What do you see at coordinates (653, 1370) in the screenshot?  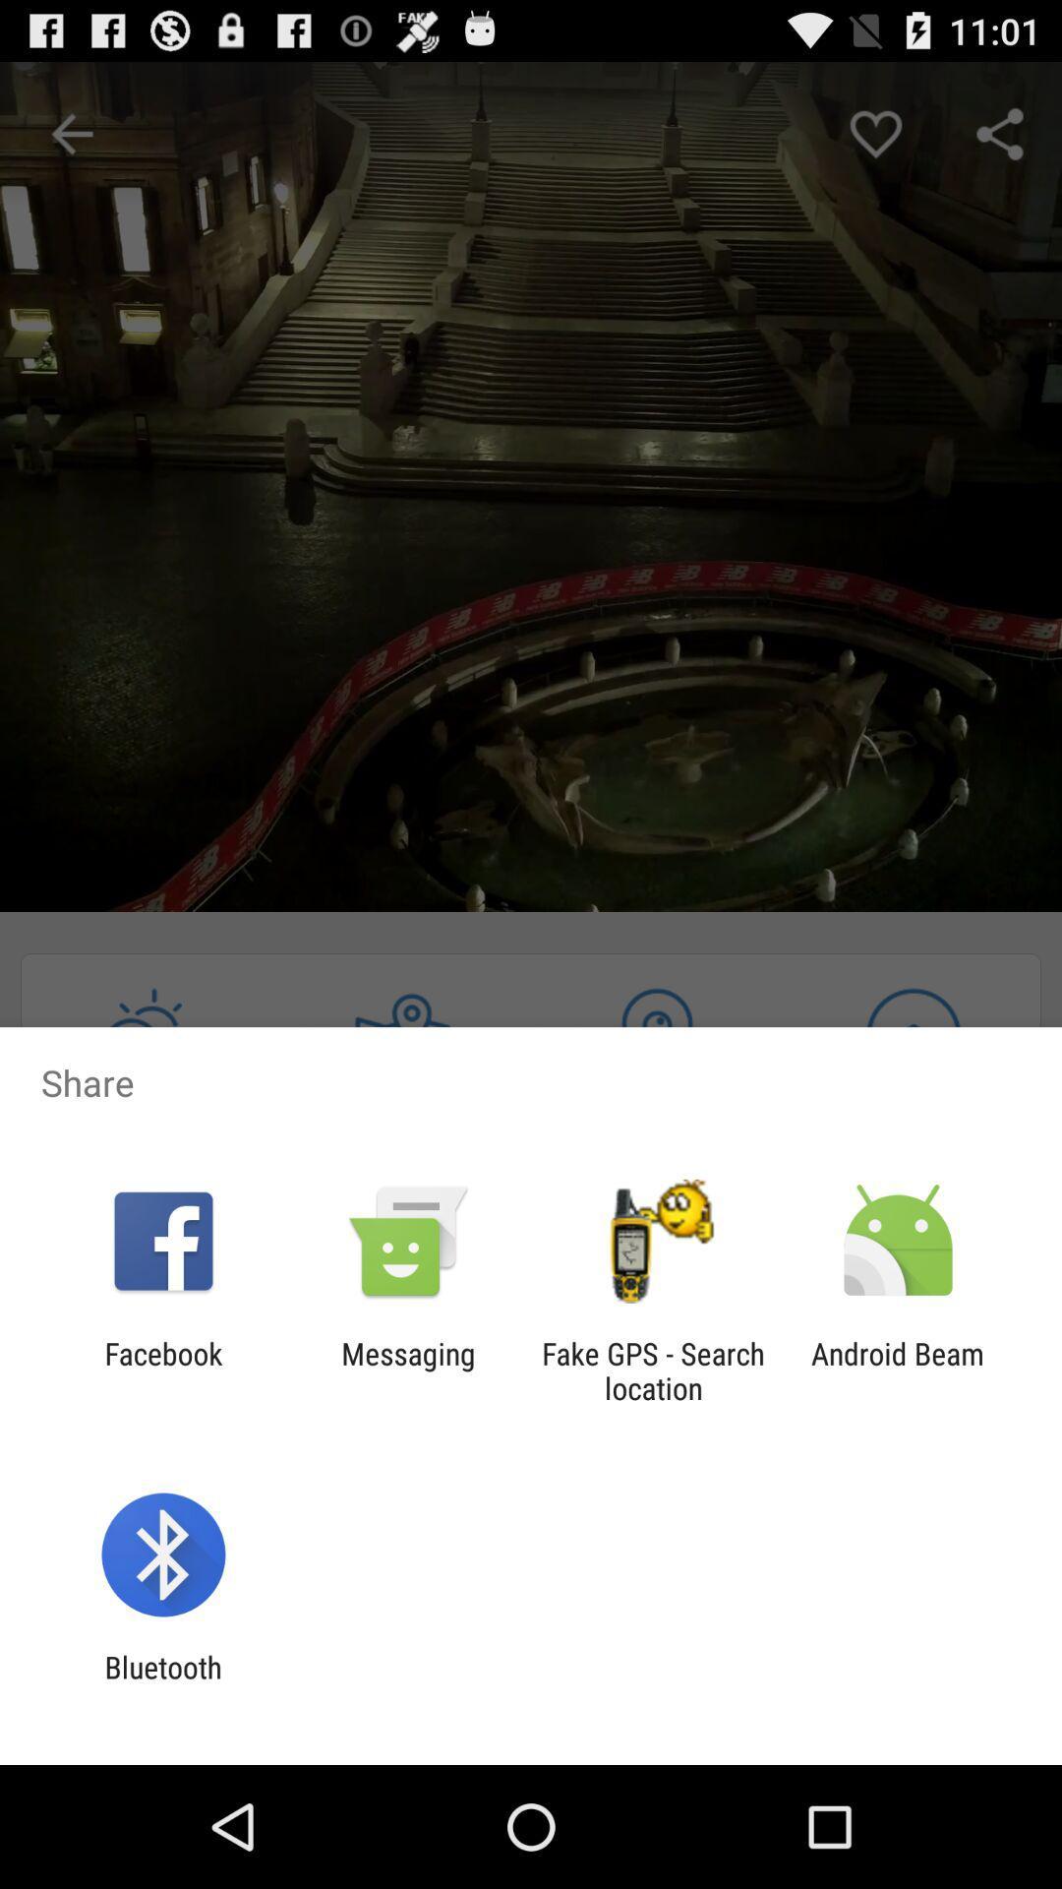 I see `the fake gps search app` at bounding box center [653, 1370].